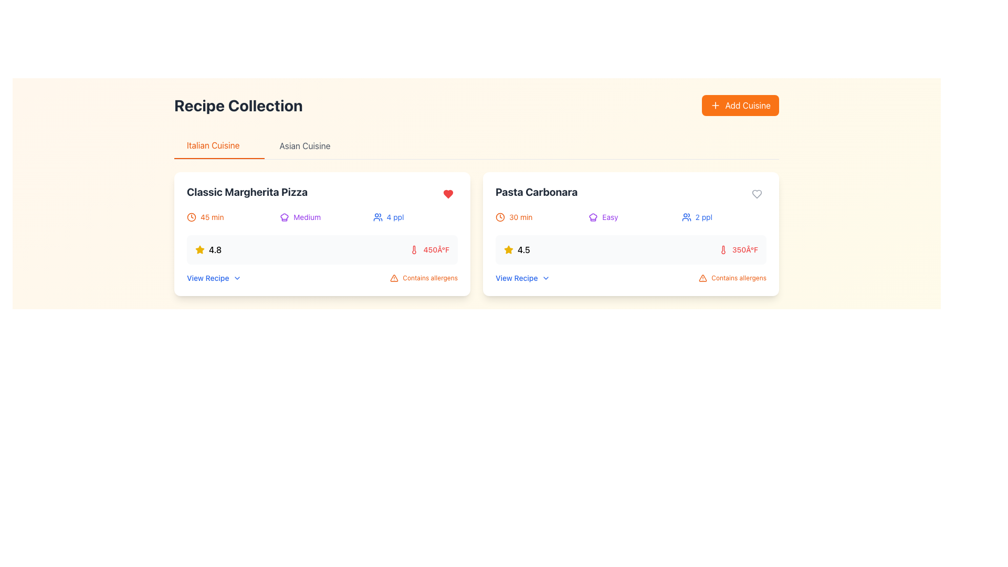 This screenshot has width=1008, height=567. Describe the element at coordinates (738, 249) in the screenshot. I see `temperature value displayed in the Text label for the 'Pasta Carbonara' recipe, located in the second recipe card, positioned towards the right side adjacent to the thermometer icon` at that location.